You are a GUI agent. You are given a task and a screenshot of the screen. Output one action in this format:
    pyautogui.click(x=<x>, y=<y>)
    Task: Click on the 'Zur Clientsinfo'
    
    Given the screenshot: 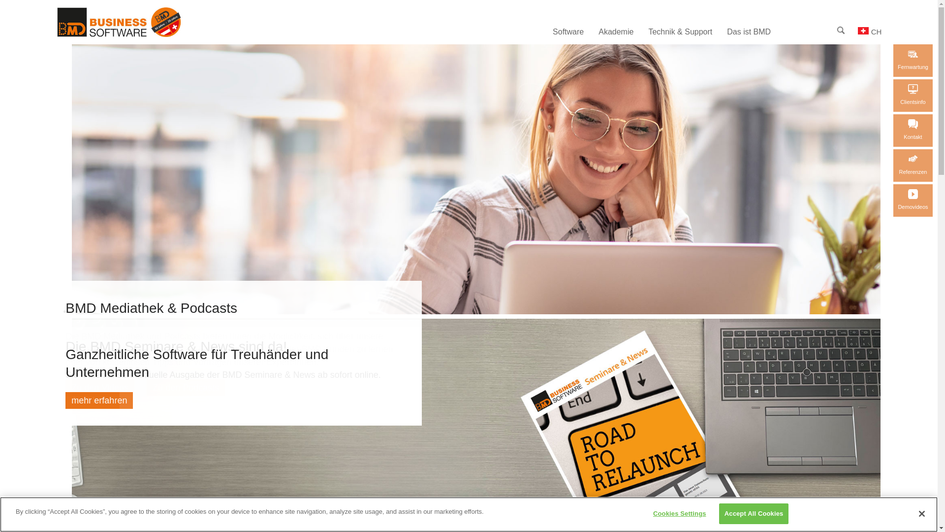 What is the action you would take?
    pyautogui.click(x=907, y=89)
    